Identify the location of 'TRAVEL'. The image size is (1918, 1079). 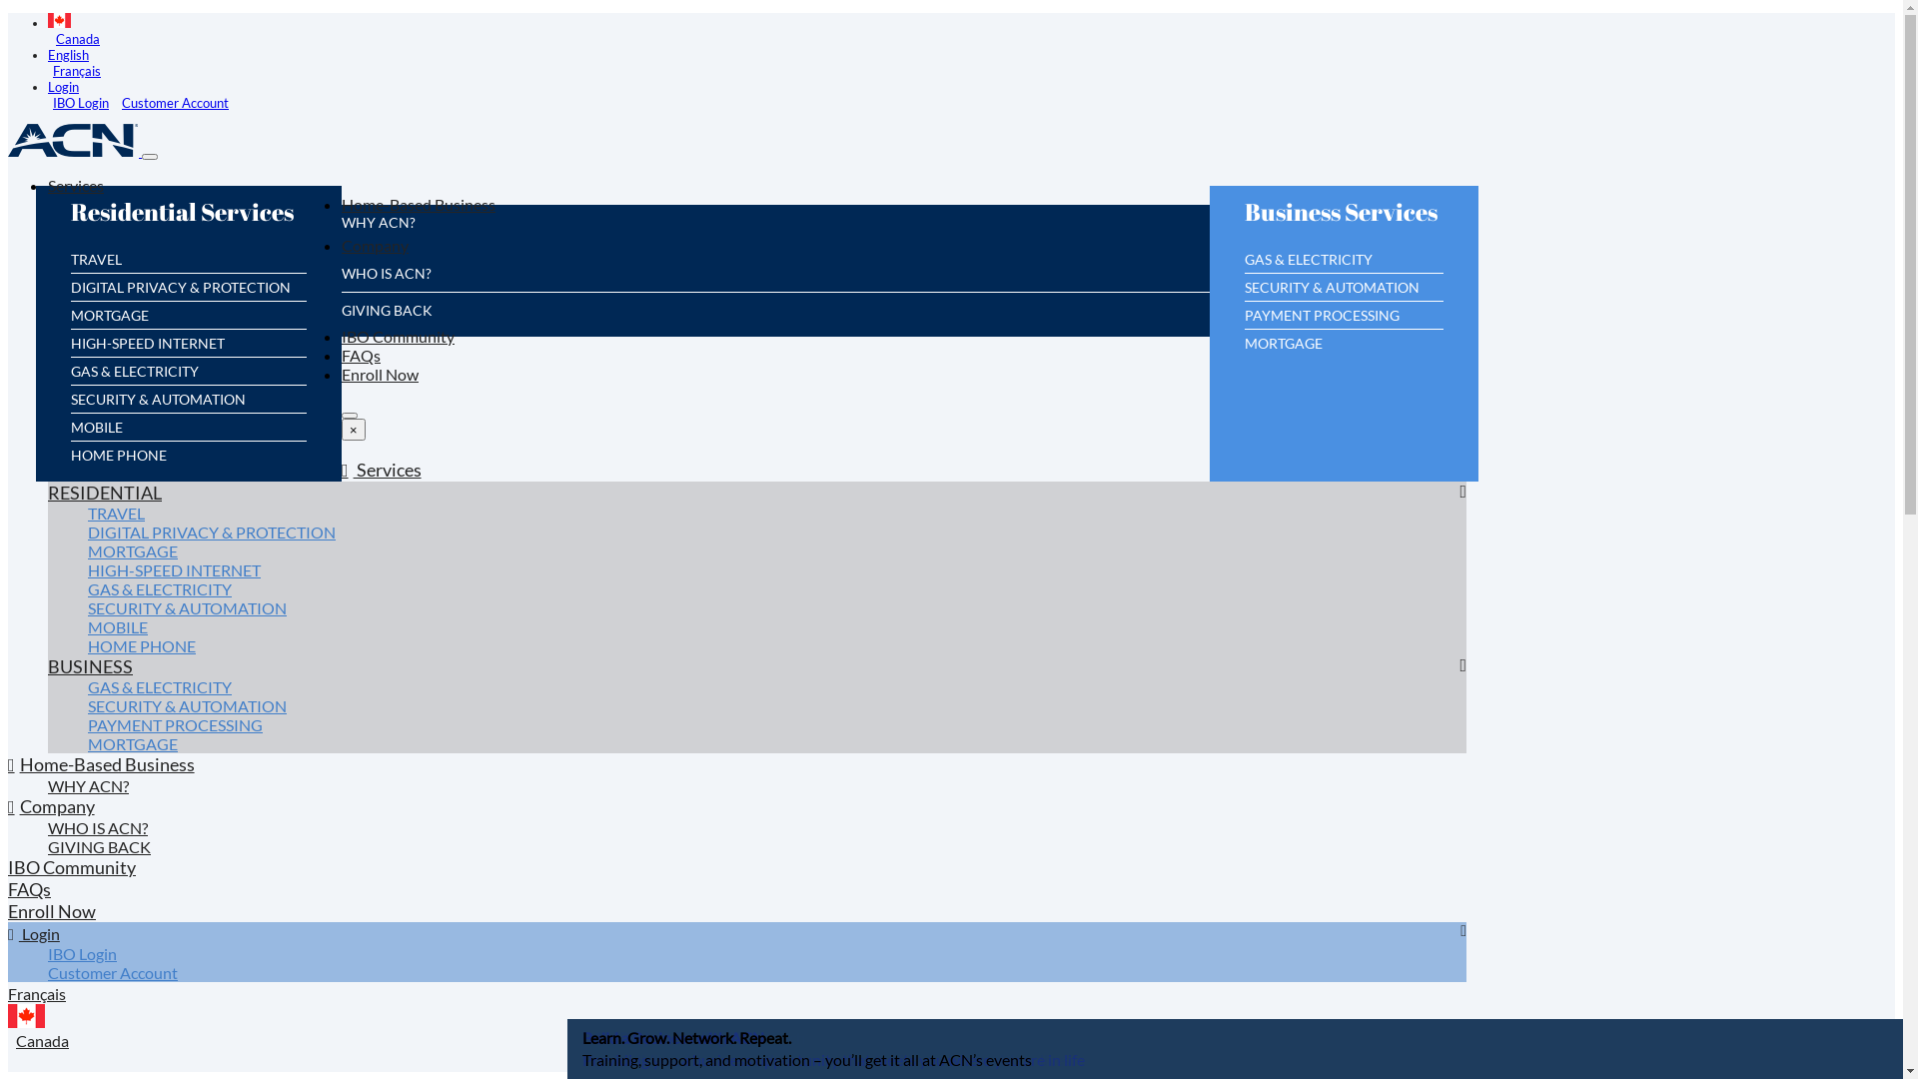
(86, 519).